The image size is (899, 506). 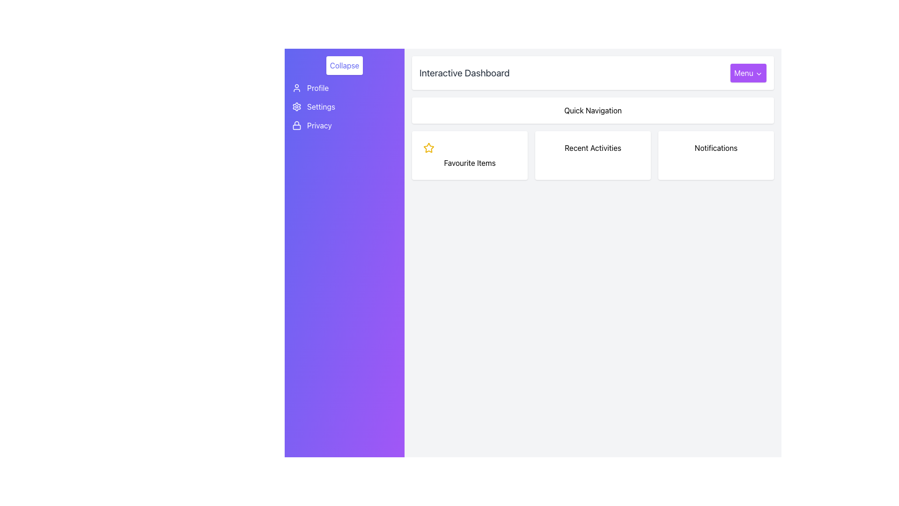 What do you see at coordinates (344, 65) in the screenshot?
I see `the collapse button at the top of the sidebar` at bounding box center [344, 65].